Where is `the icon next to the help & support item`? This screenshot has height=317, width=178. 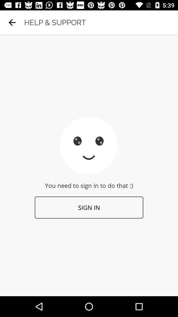
the icon next to the help & support item is located at coordinates (12, 22).